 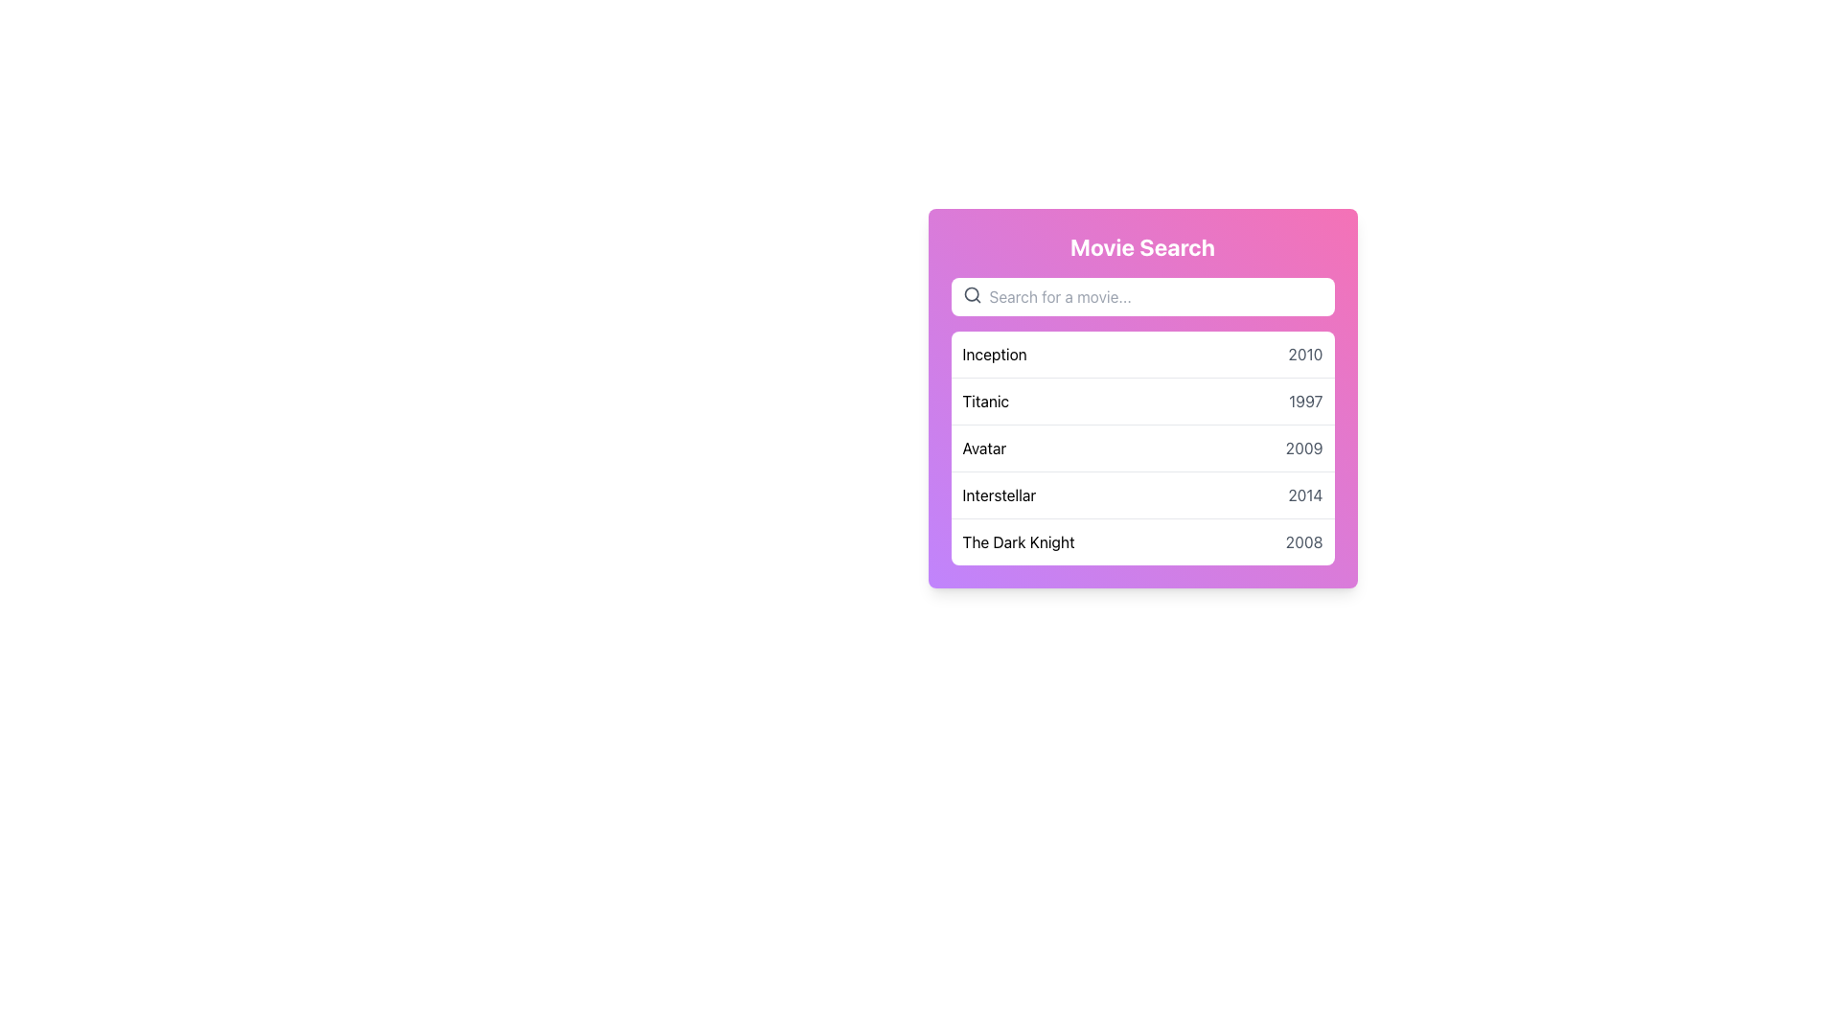 I want to click on the movie title 'Interstellar' displayed in a bold font within the movie search result table, so click(x=998, y=494).